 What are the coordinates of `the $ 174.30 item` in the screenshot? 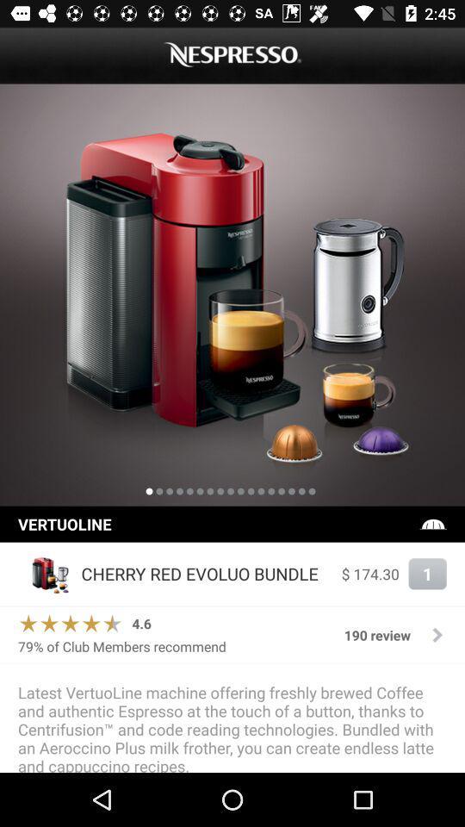 It's located at (369, 574).